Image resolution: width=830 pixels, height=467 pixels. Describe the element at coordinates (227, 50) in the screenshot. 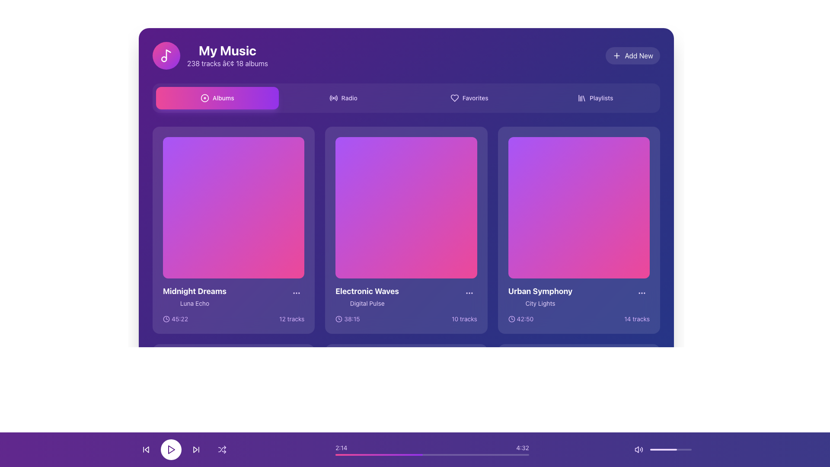

I see `the bolded, large-sized text label 'My Music' in white color located in the upper-left corner of the interface` at that location.